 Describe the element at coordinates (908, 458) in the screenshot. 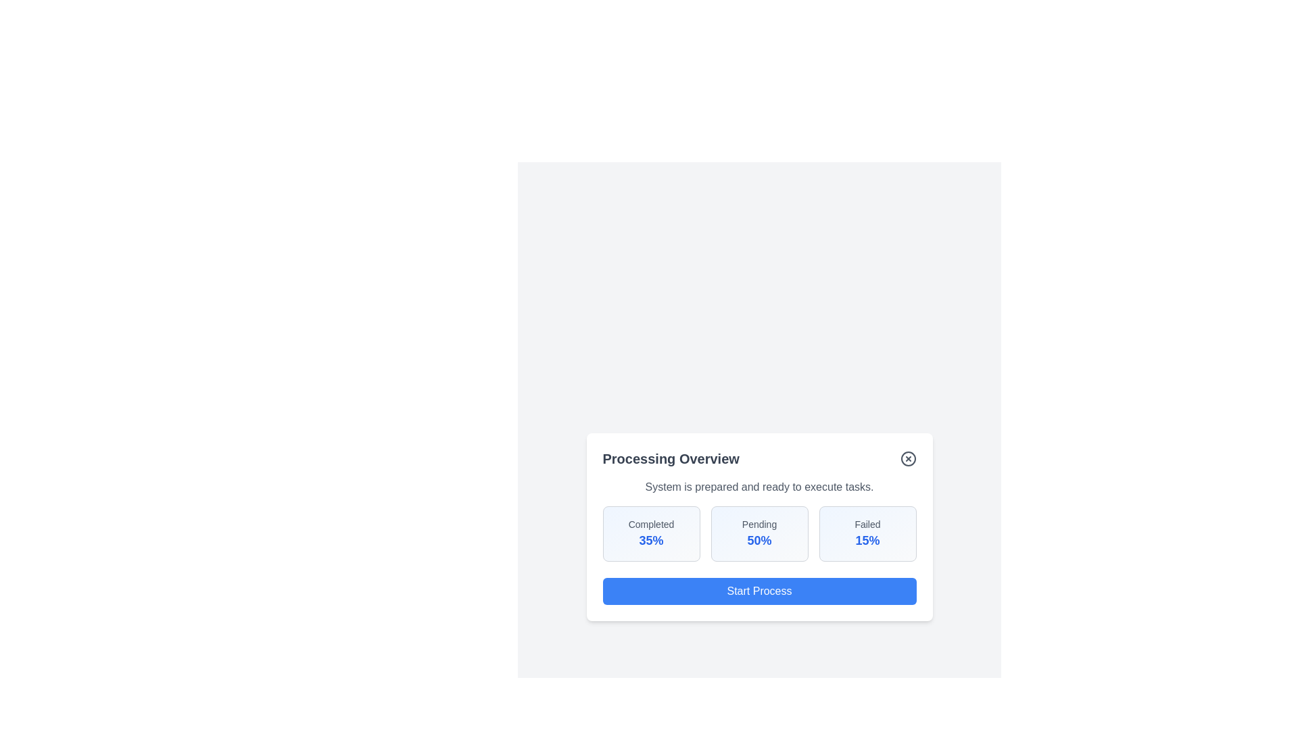

I see `the close button to dismiss the dialog` at that location.